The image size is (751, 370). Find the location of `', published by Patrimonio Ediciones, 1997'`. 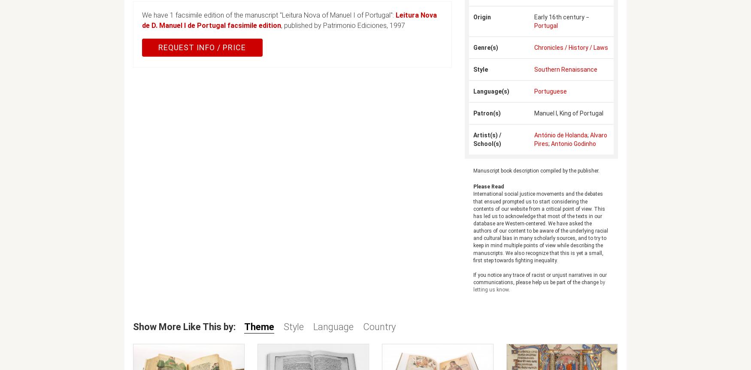

', published by Patrimonio Ediciones, 1997' is located at coordinates (342, 25).